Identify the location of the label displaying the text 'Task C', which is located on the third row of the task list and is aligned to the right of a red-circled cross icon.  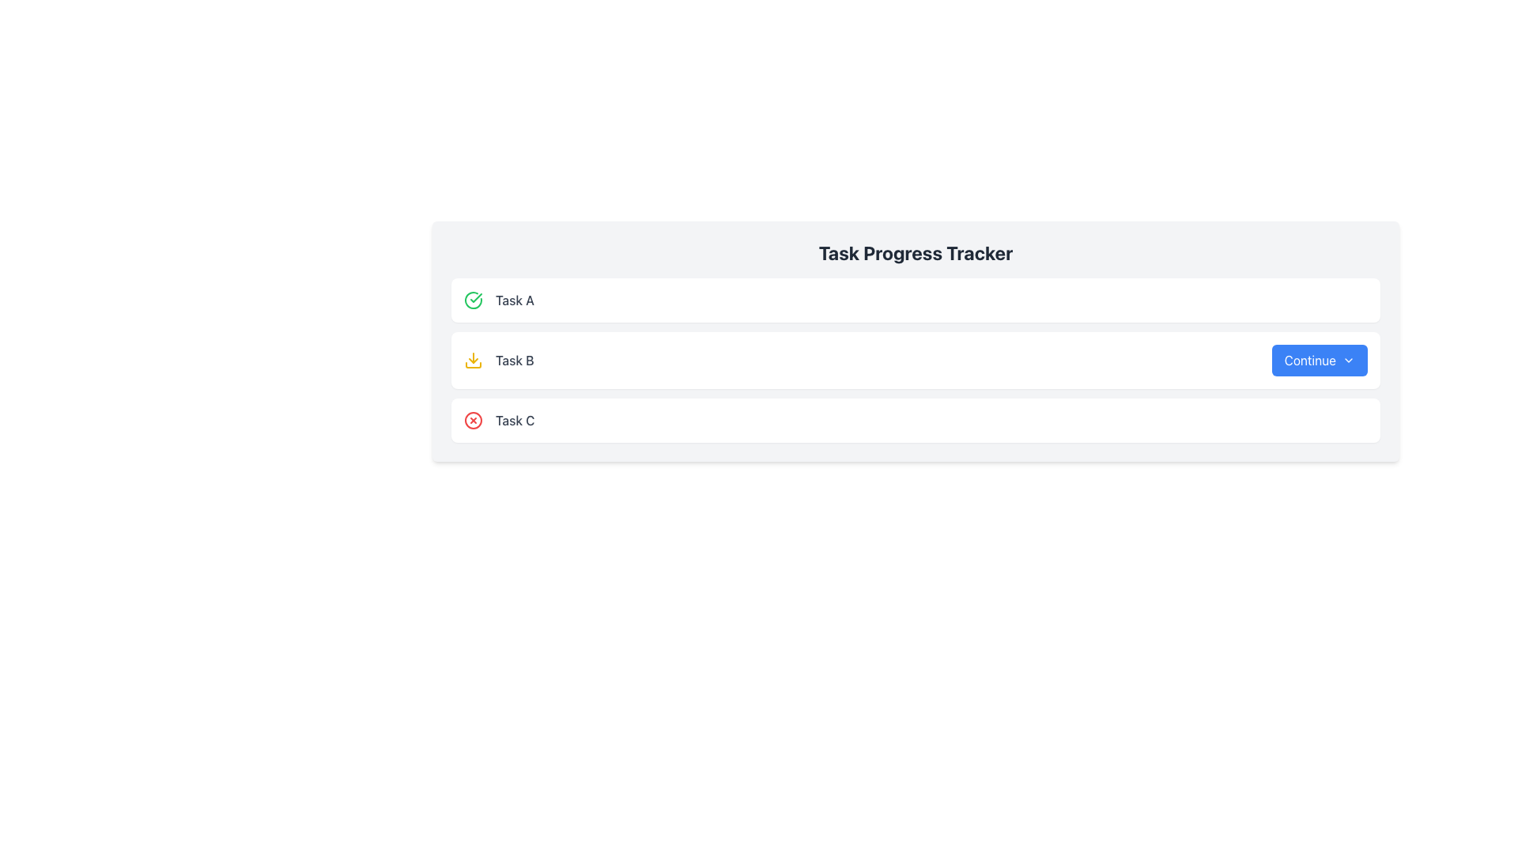
(515, 420).